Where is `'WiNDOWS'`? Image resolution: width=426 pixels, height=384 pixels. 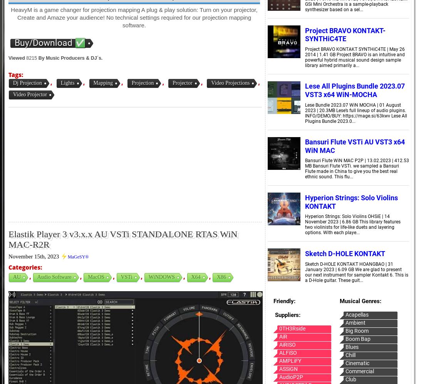
'WiNDOWS' is located at coordinates (161, 277).